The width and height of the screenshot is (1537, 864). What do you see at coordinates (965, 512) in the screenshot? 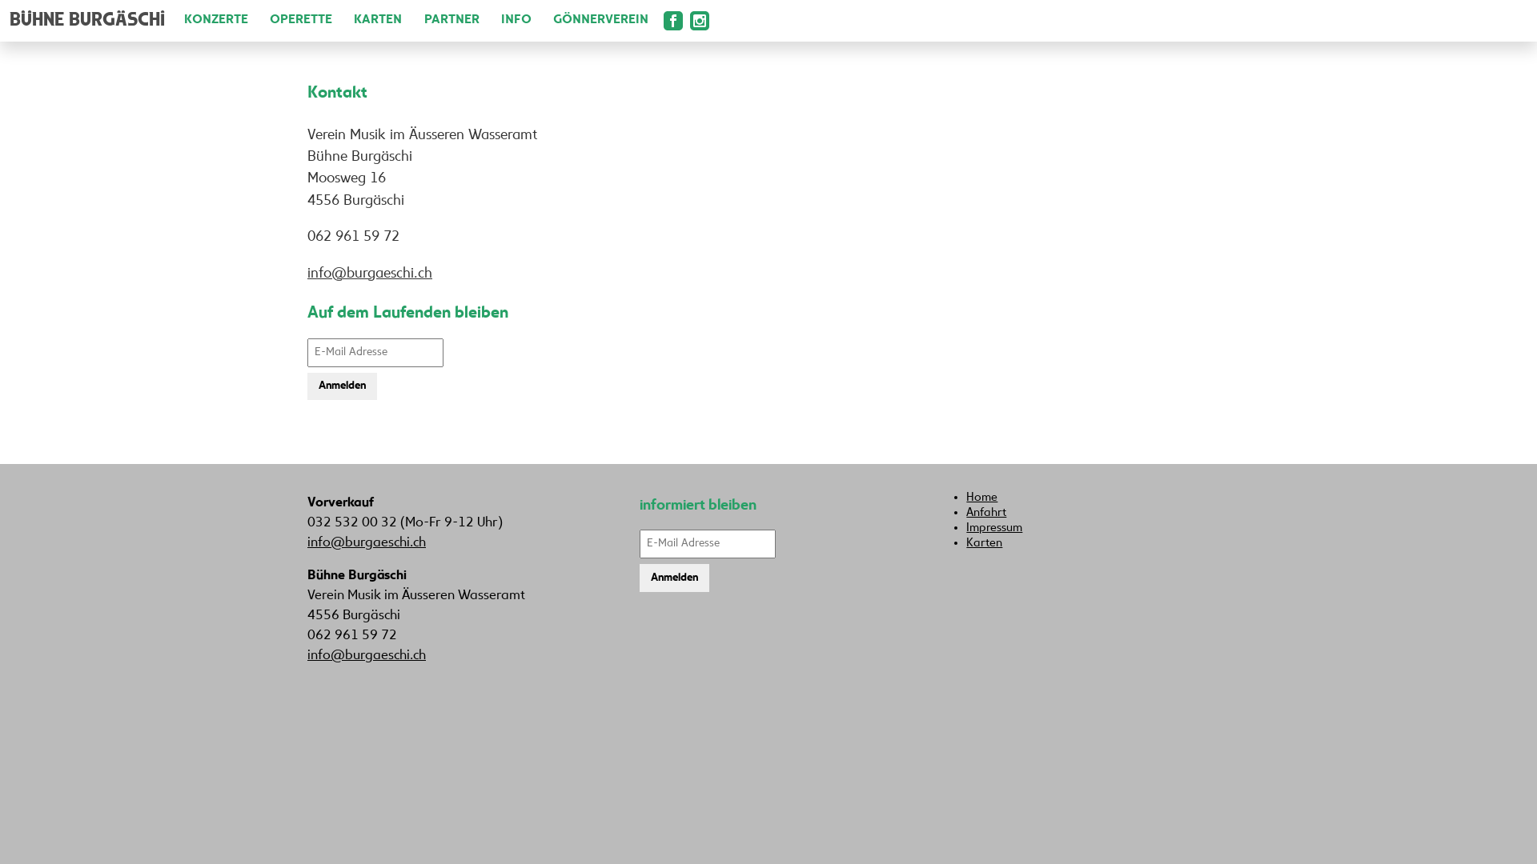
I see `'Anfahrt'` at bounding box center [965, 512].